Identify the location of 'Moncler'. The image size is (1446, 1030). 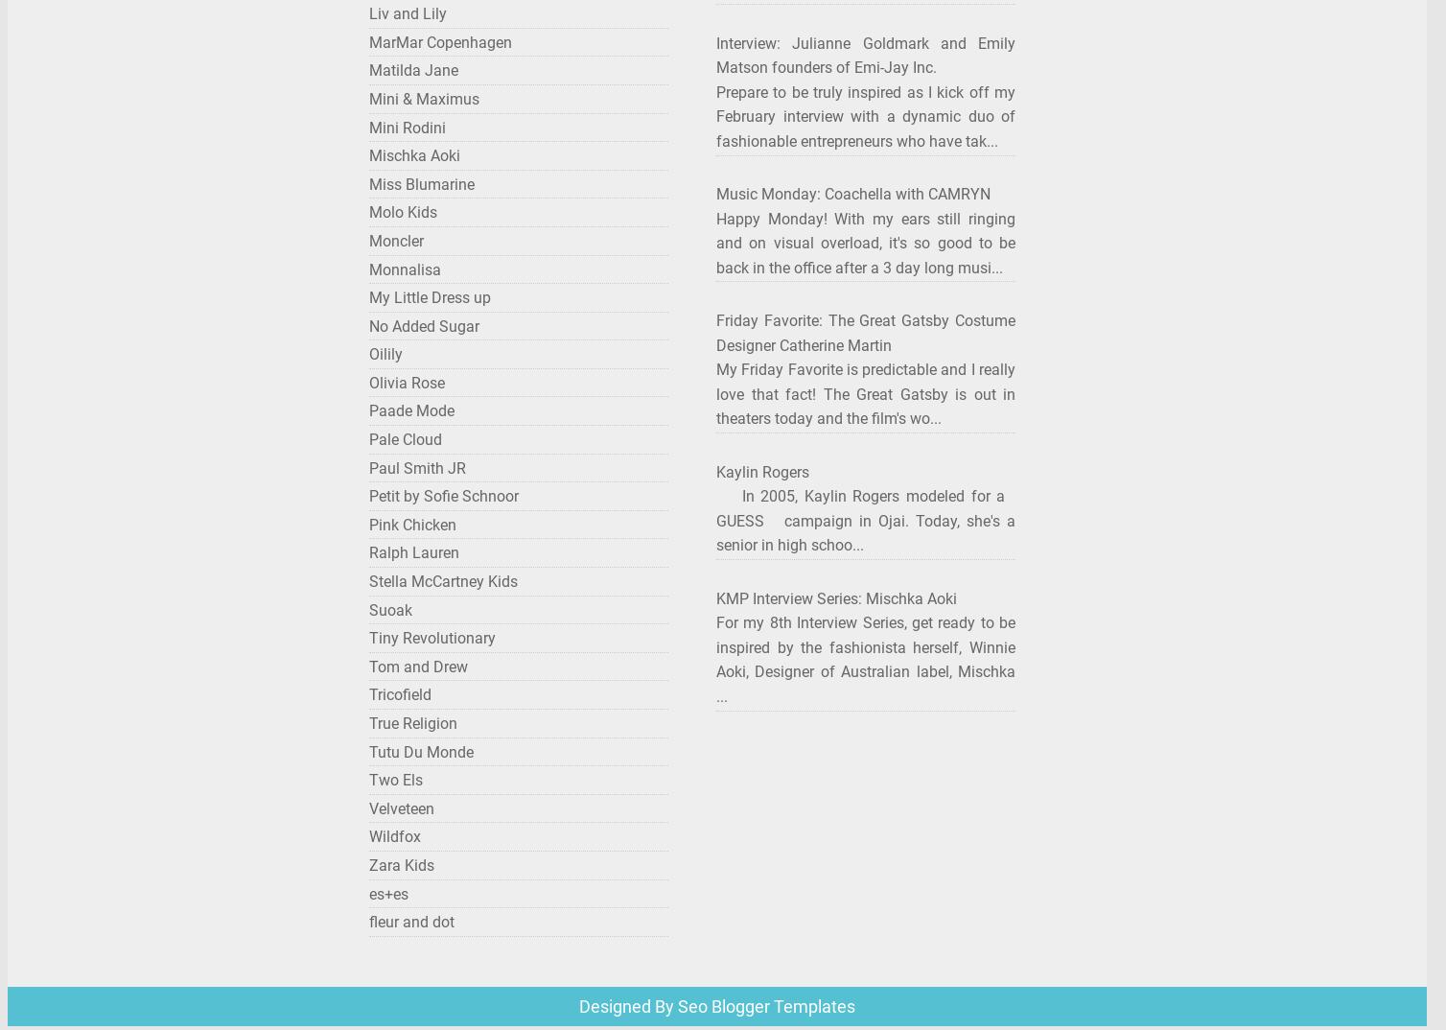
(368, 239).